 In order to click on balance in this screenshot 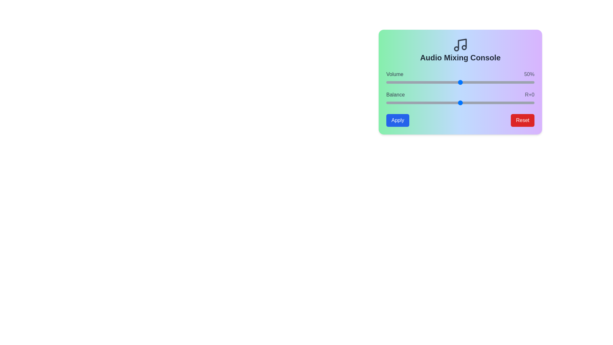, I will do `click(509, 102)`.